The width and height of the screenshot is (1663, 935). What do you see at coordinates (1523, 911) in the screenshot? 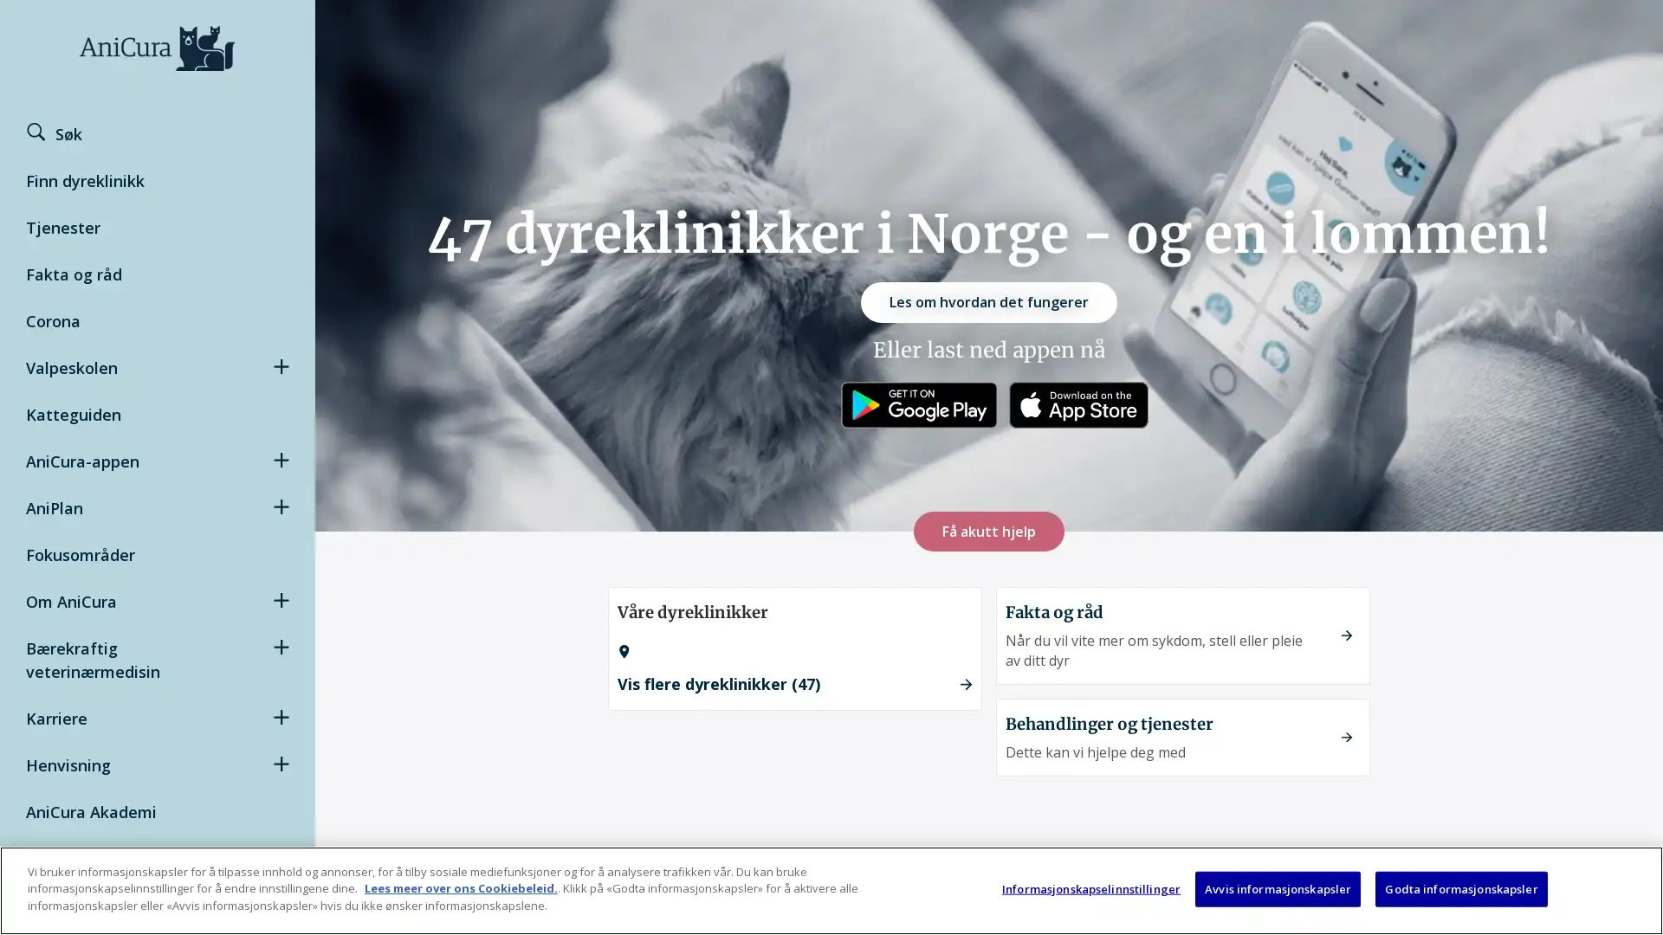
I see `Informasjonskapselinnstillinger` at bounding box center [1523, 911].